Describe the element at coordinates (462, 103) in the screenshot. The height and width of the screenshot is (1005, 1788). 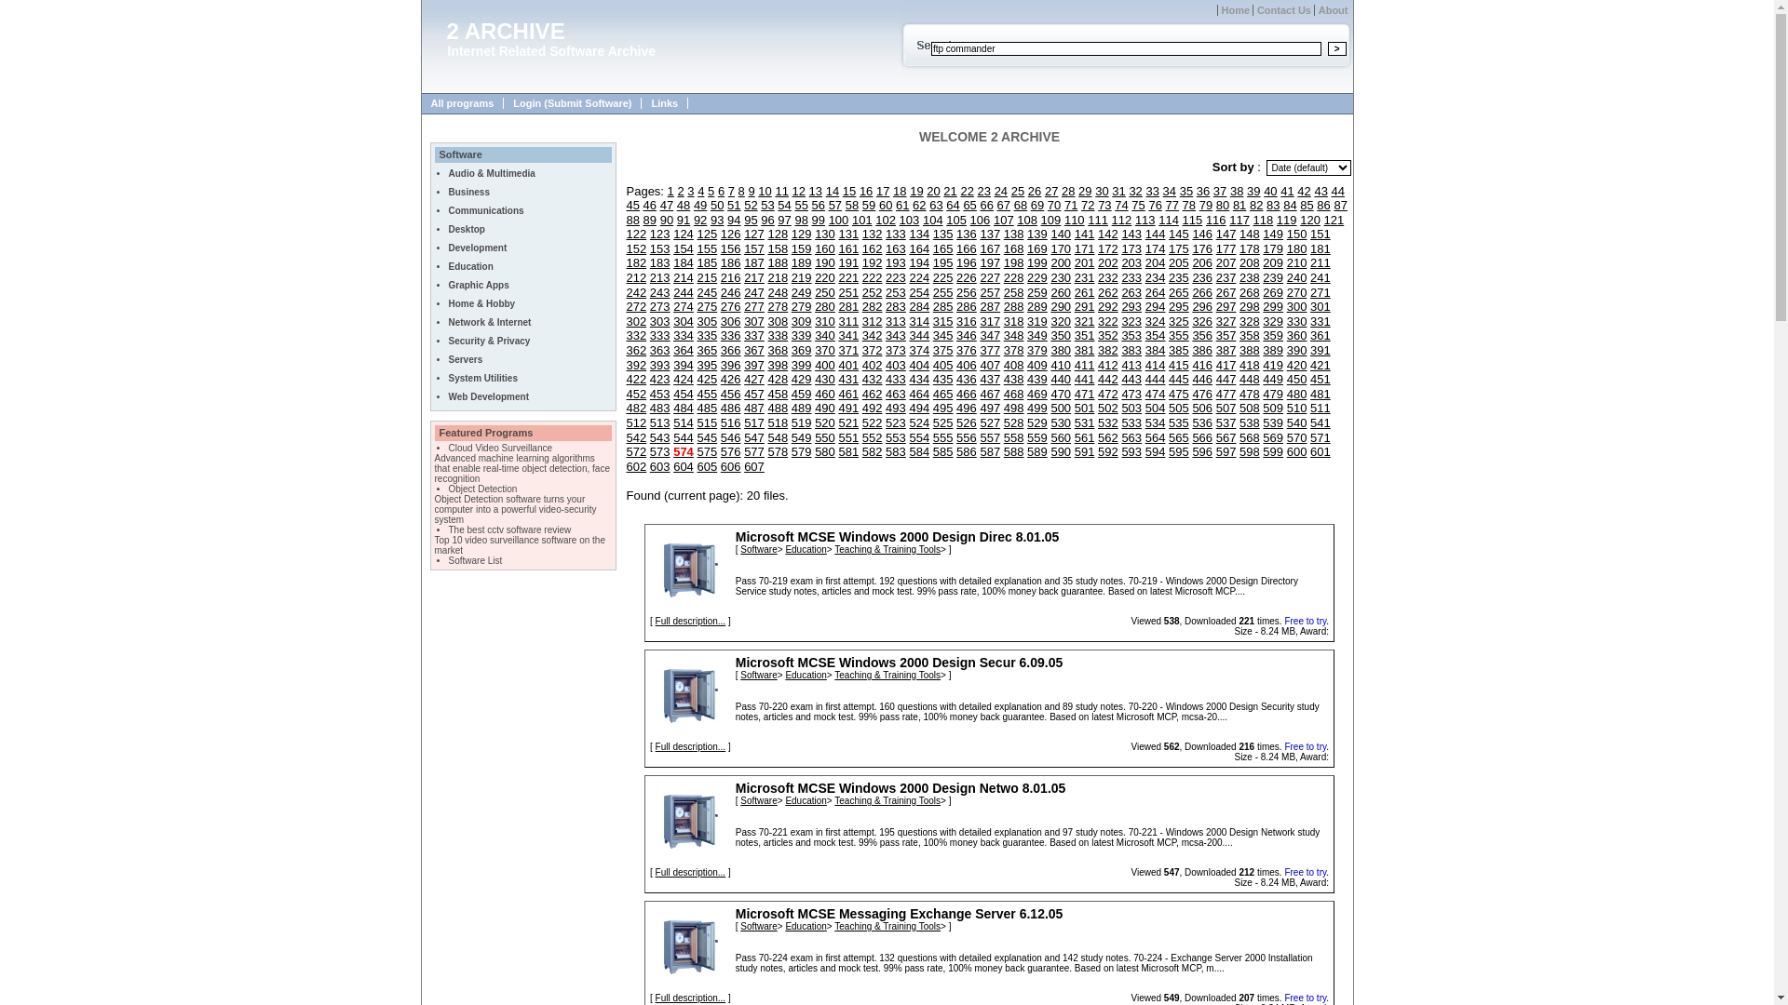
I see `'All programs'` at that location.